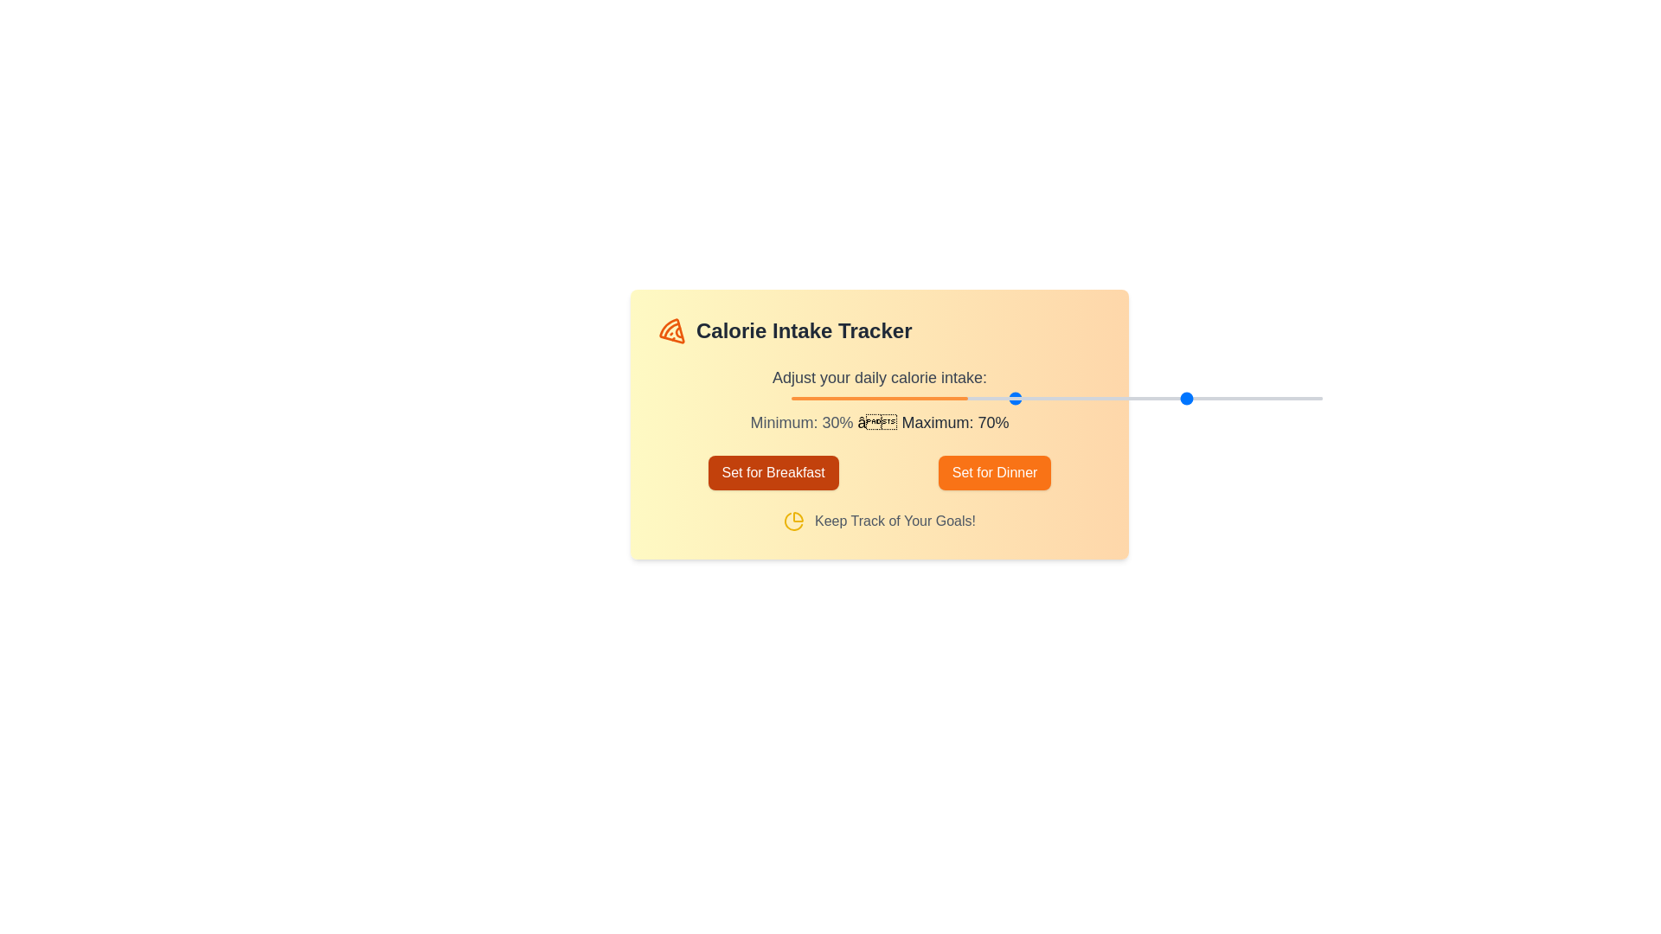 This screenshot has width=1661, height=934. I want to click on the 'Dinner' configuration button located to the right of the 'Set for Breakfast' button in the calorie intake tracker interface to apply settings for dinner, so click(995, 473).